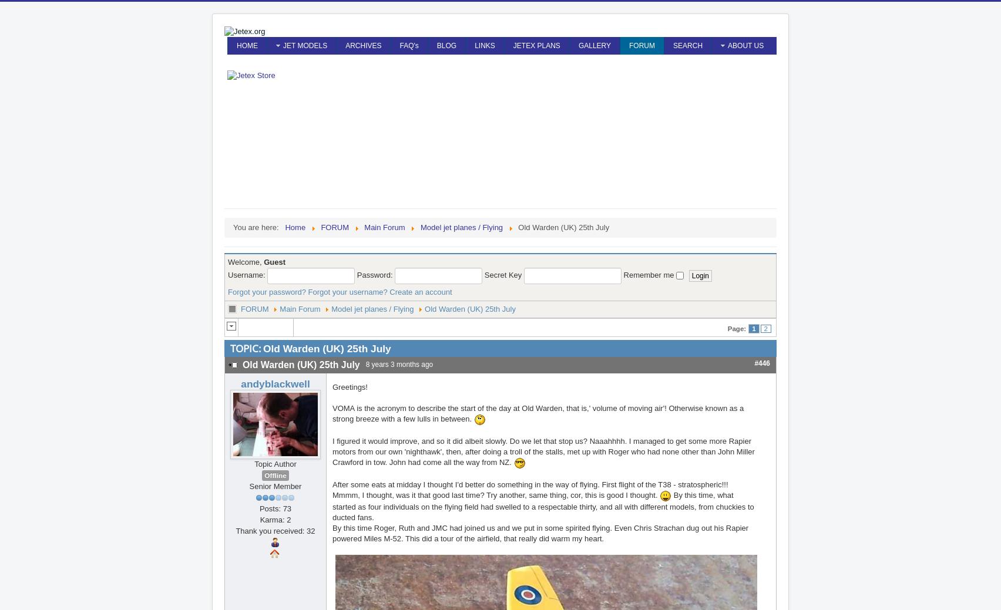 This screenshot has width=1001, height=610. What do you see at coordinates (275, 530) in the screenshot?
I see `'Thank you received: 32'` at bounding box center [275, 530].